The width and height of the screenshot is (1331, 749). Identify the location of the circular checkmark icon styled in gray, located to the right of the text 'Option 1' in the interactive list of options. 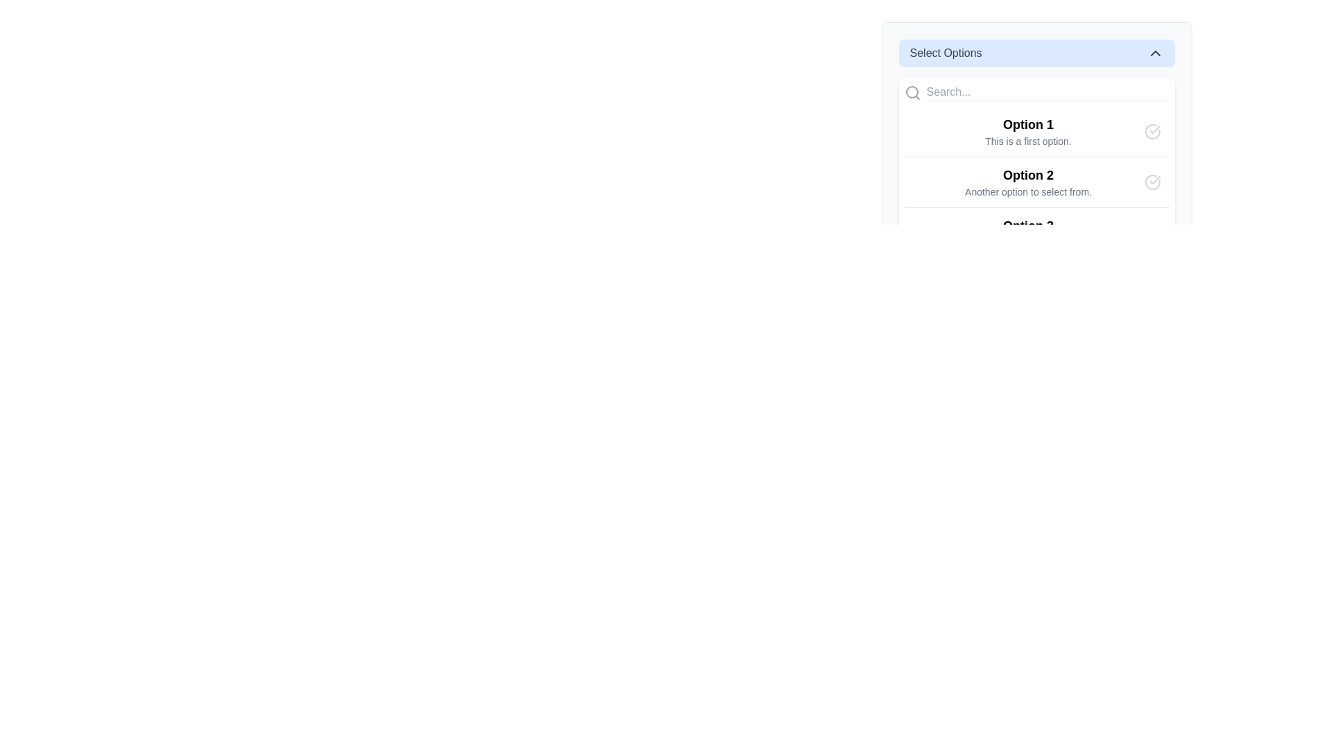
(1152, 131).